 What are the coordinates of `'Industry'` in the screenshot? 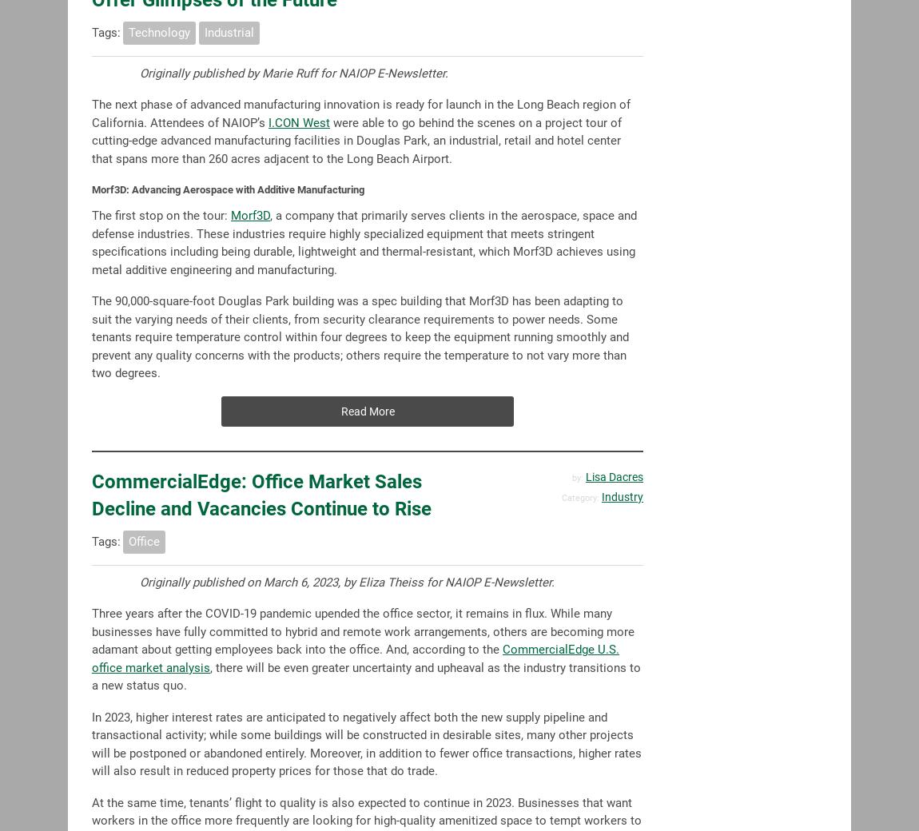 It's located at (622, 495).